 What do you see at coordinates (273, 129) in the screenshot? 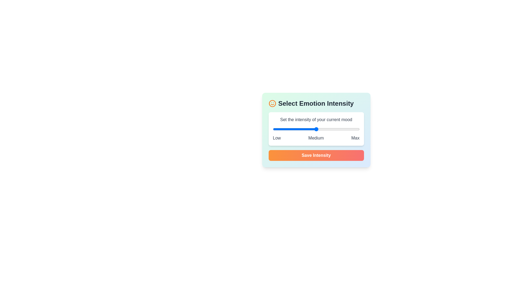
I see `the intensity slider to set the mood level to 1` at bounding box center [273, 129].